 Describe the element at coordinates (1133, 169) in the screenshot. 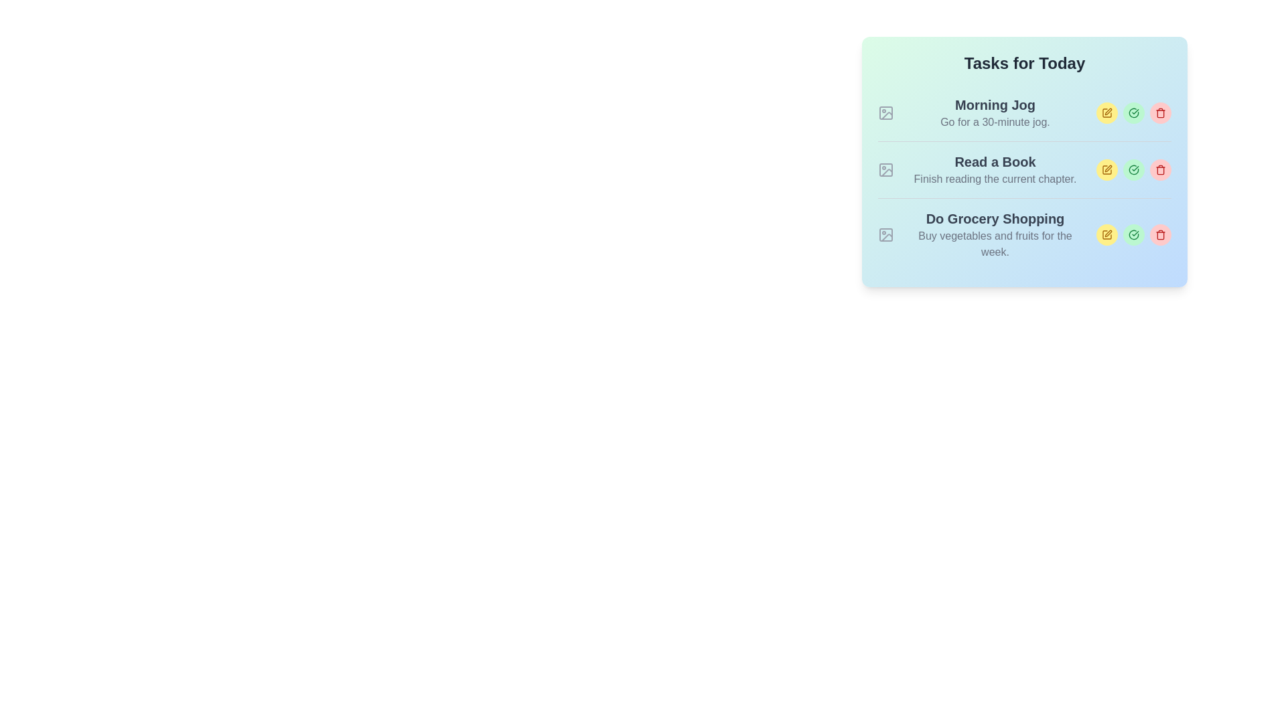

I see `the circular green button with a checkmark icon located in the 'Read a Book' task section, which is the second icon from the right` at that location.